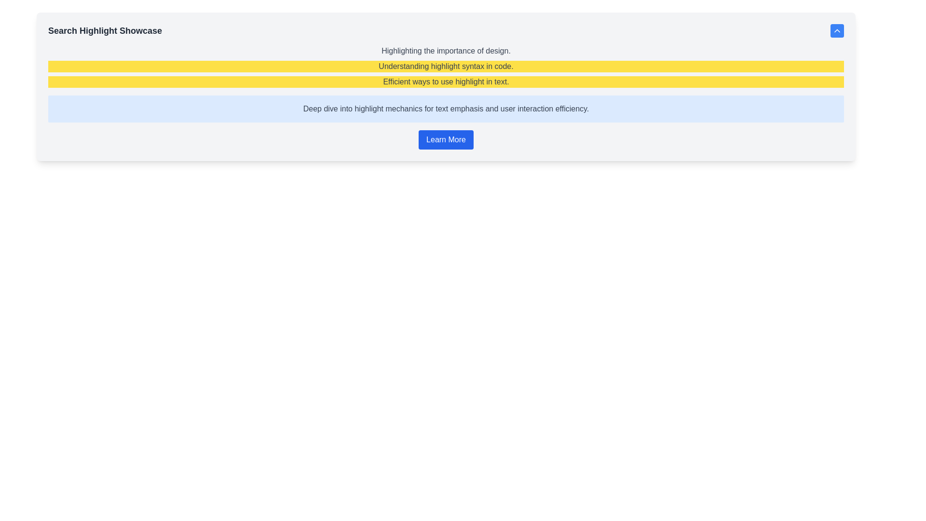 Image resolution: width=926 pixels, height=521 pixels. Describe the element at coordinates (446, 66) in the screenshot. I see `the highlighted text within the 'Search Highlight Showcase' section, which is the second distinct section below the title` at that location.